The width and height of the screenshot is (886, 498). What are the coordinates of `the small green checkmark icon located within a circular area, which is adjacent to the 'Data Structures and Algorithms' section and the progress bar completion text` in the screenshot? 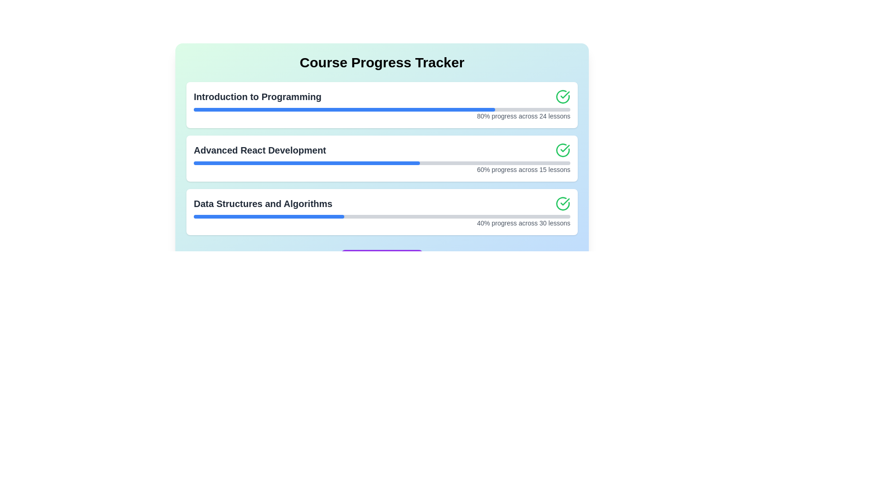 It's located at (564, 95).